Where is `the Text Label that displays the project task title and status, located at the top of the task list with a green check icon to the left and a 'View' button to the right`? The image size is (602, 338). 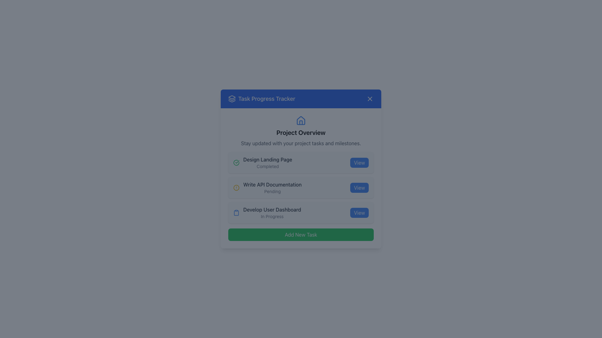
the Text Label that displays the project task title and status, located at the top of the task list with a green check icon to the left and a 'View' button to the right is located at coordinates (268, 162).